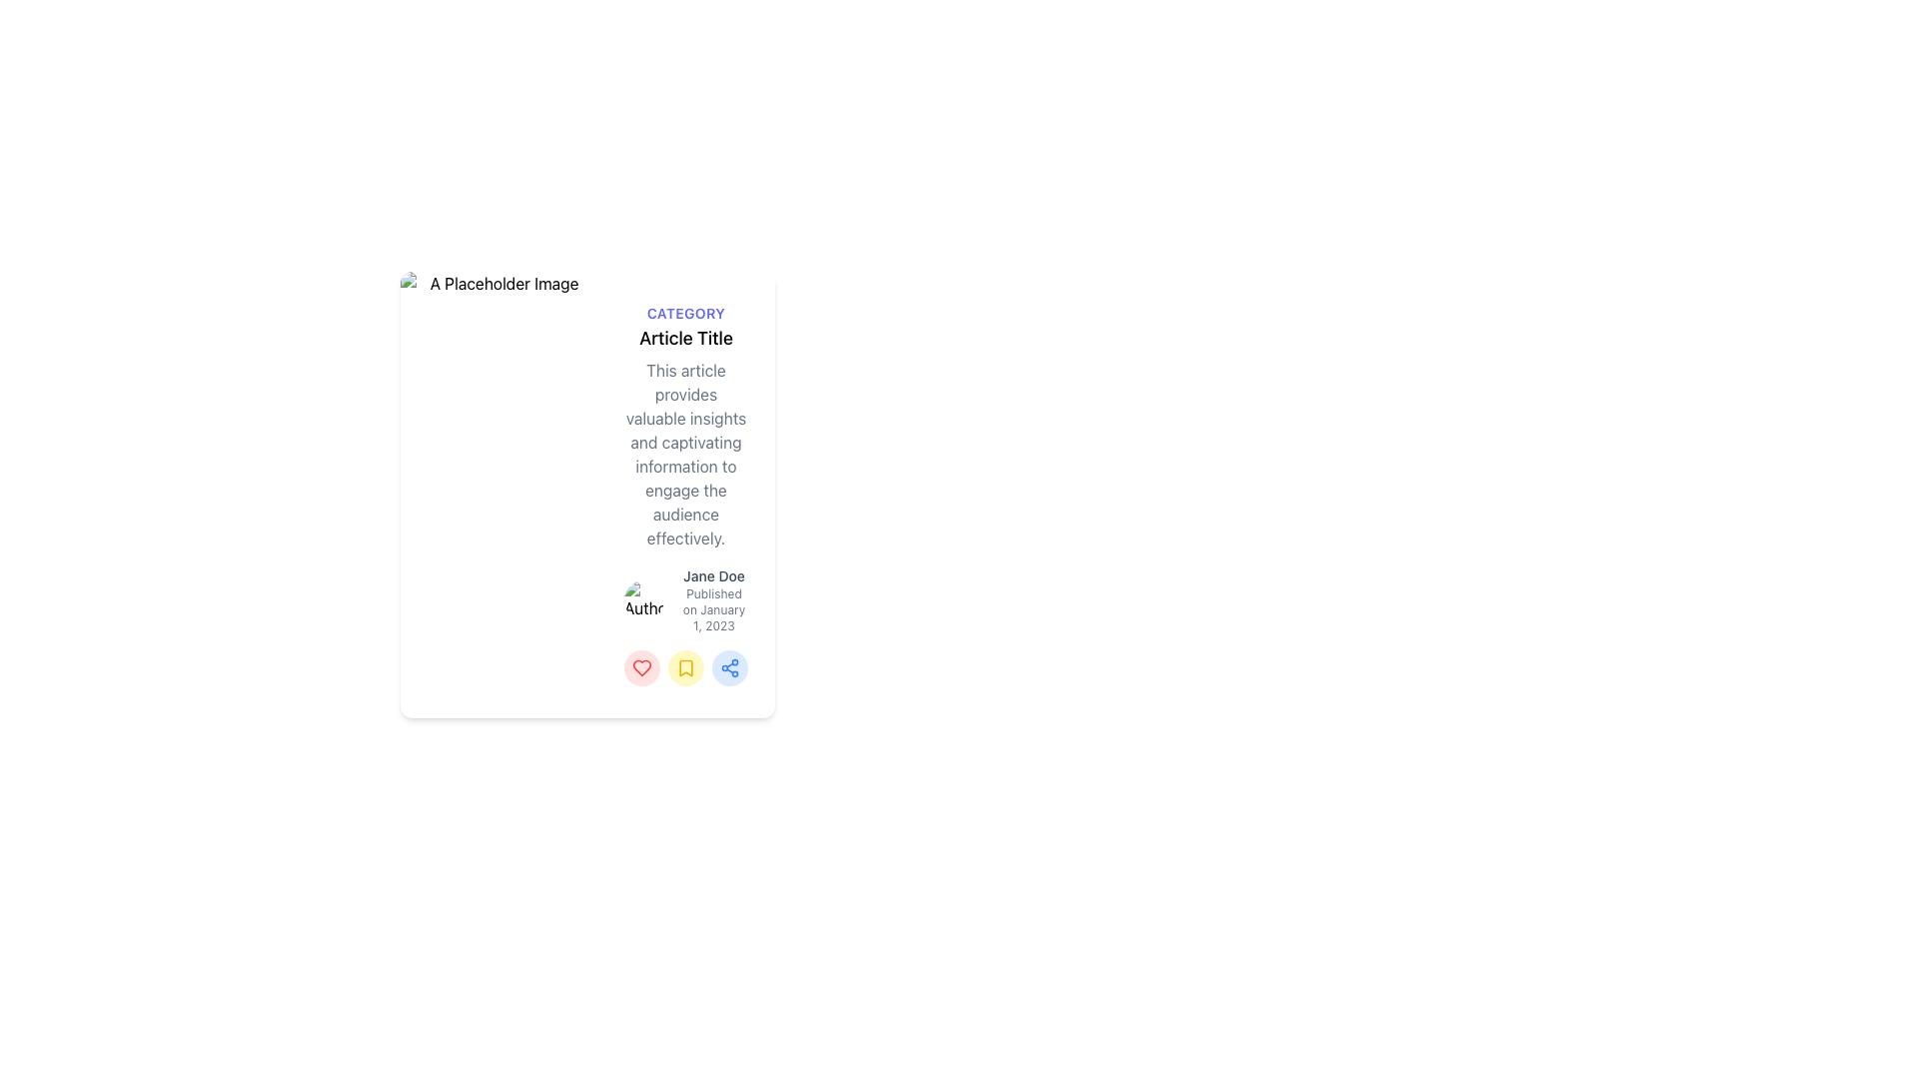  What do you see at coordinates (642, 667) in the screenshot?
I see `the heart icon located second from the left in the bottom row of icons under the card element` at bounding box center [642, 667].